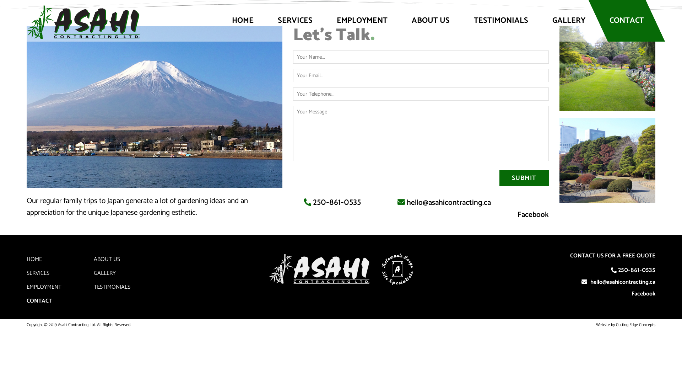 The height and width of the screenshot is (384, 682). Describe the element at coordinates (569, 20) in the screenshot. I see `'GALLERY'` at that location.